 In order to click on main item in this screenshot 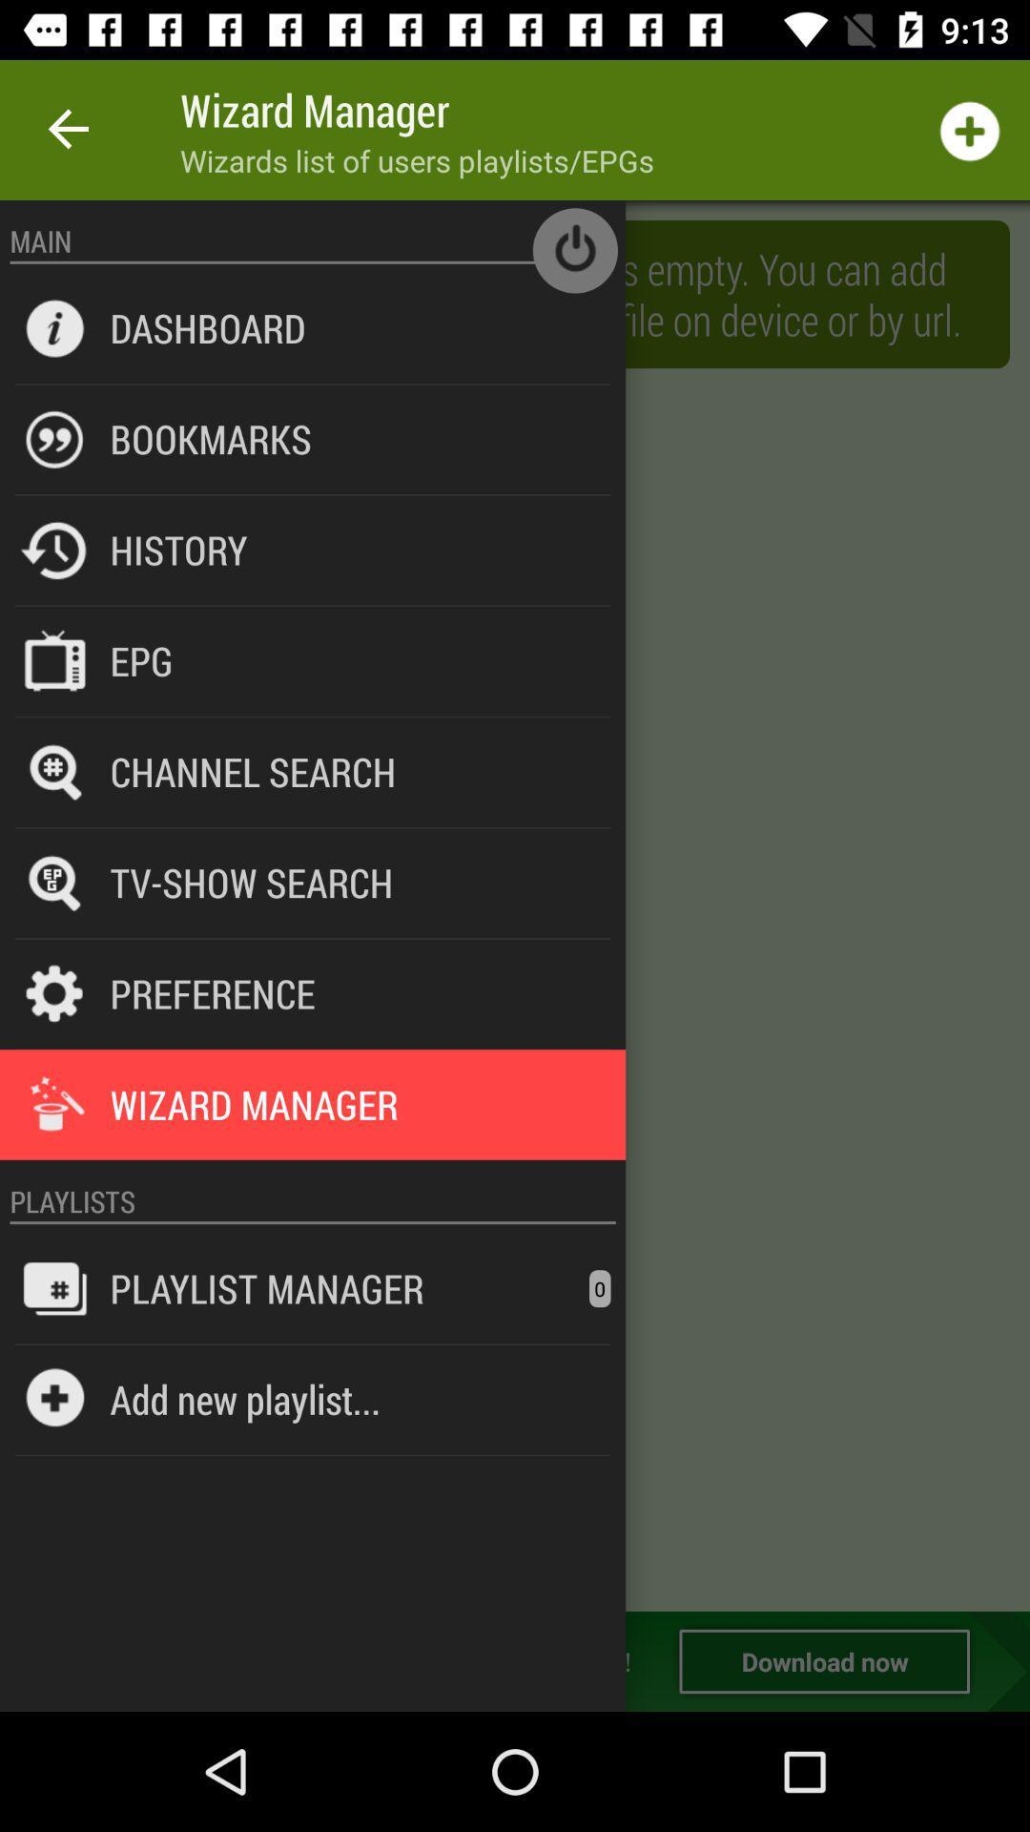, I will do `click(312, 239)`.